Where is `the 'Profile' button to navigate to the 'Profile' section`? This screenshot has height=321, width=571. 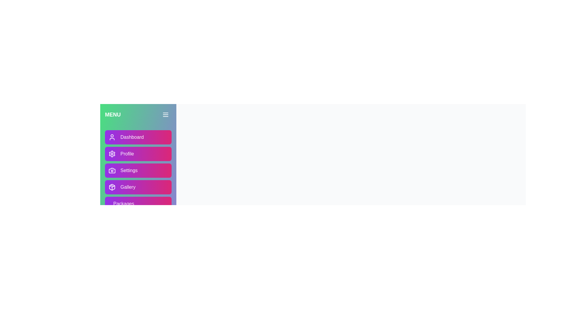
the 'Profile' button to navigate to the 'Profile' section is located at coordinates (138, 153).